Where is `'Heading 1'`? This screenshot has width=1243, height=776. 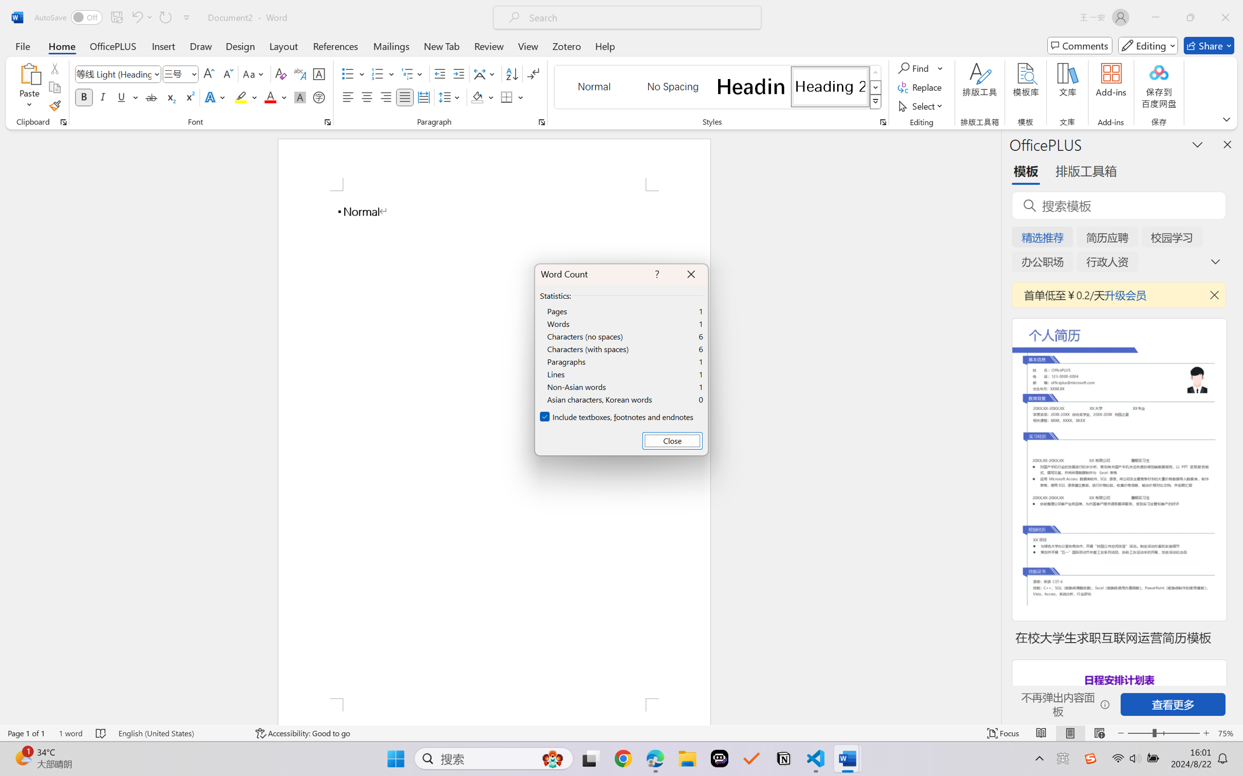
'Heading 1' is located at coordinates (750, 86).